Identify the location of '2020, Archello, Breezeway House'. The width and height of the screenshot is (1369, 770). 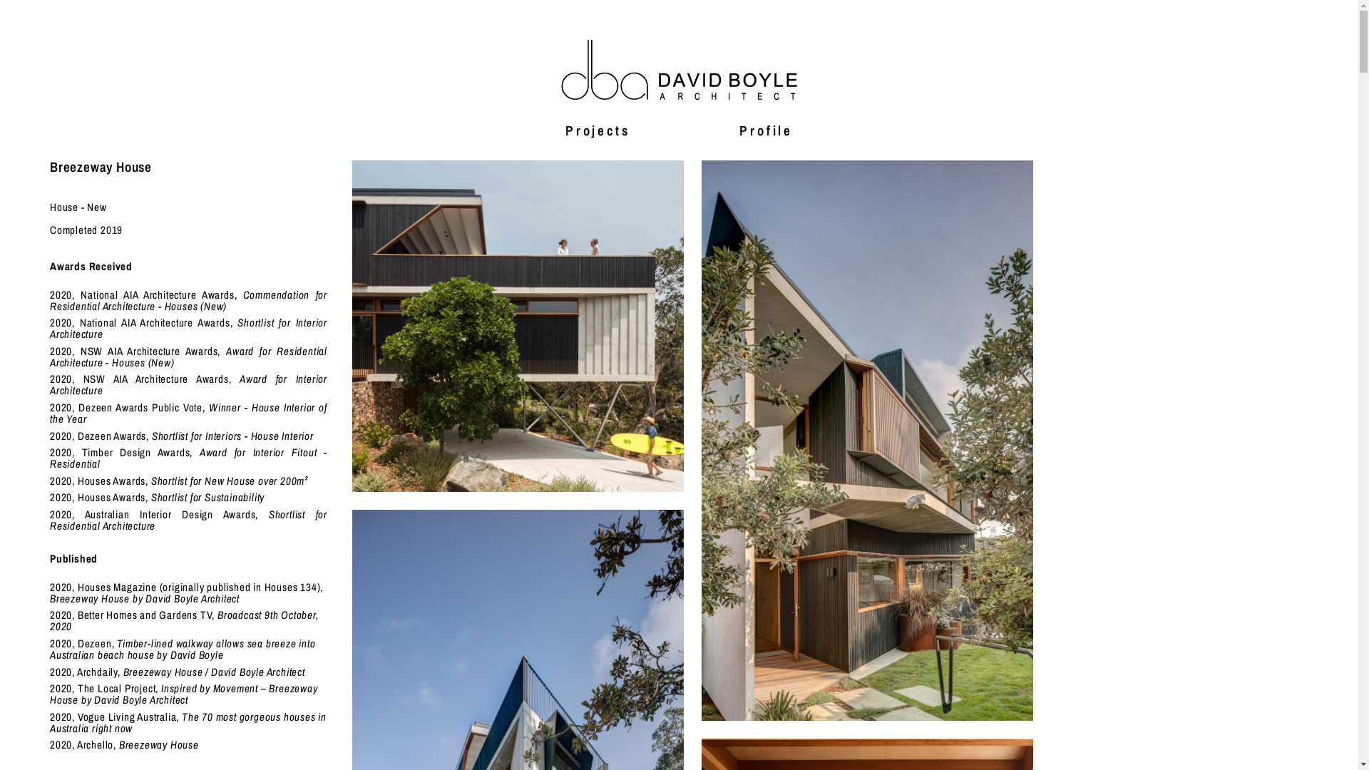
(124, 744).